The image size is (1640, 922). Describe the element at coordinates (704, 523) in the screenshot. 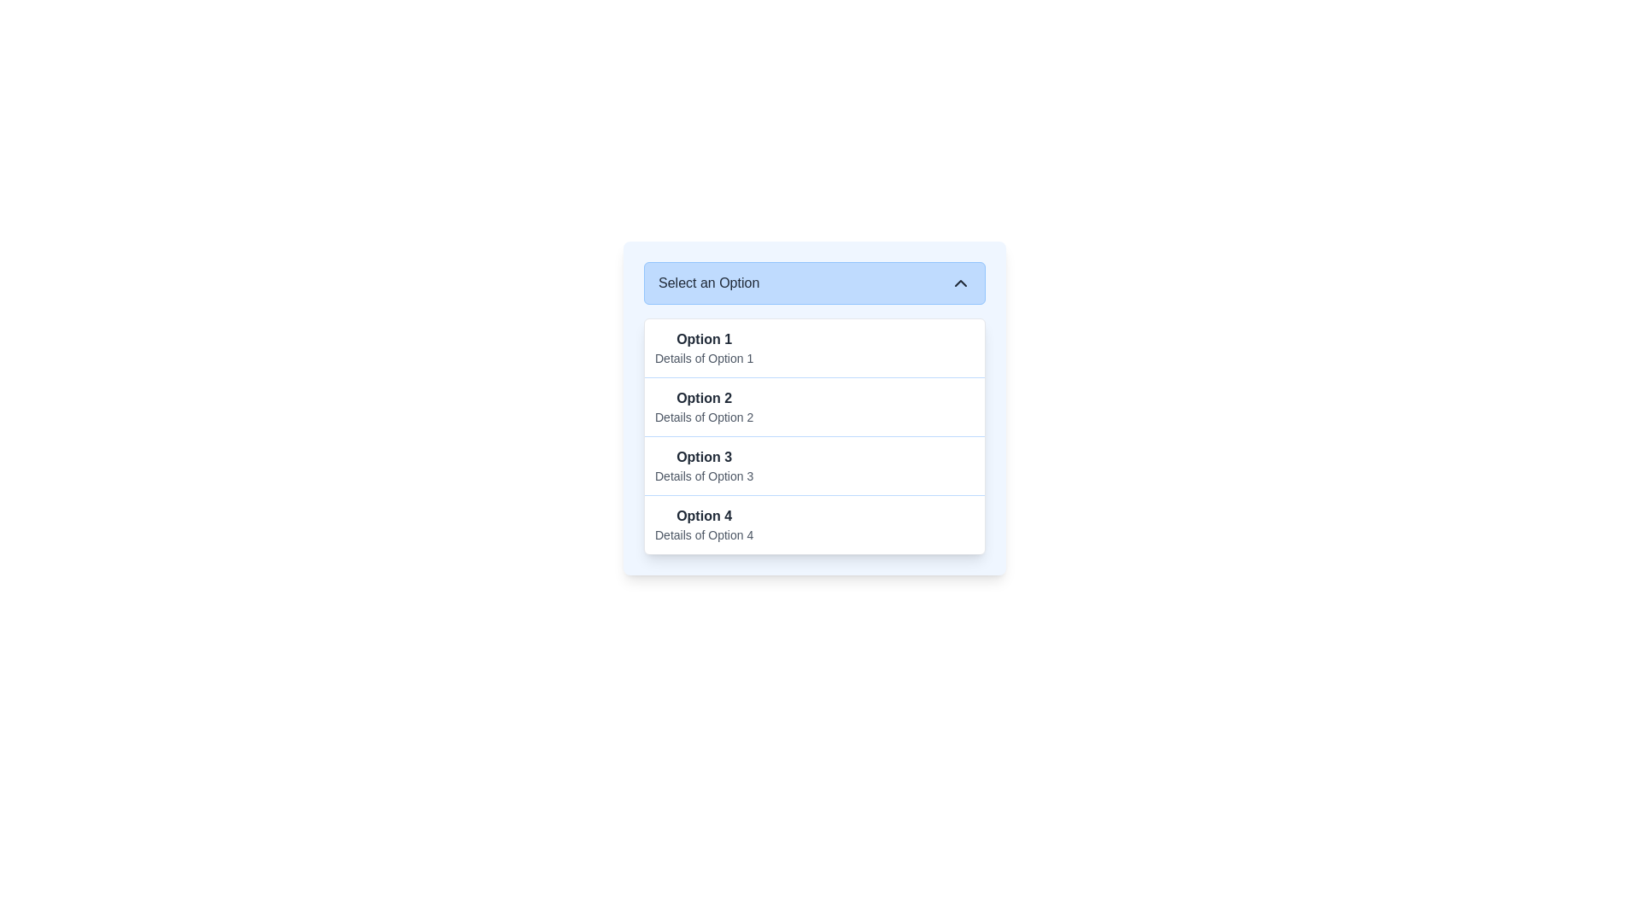

I see `the dropdown menu option labeled 'Option 4', which features bold dark gray text and smaller lighter gray details` at that location.